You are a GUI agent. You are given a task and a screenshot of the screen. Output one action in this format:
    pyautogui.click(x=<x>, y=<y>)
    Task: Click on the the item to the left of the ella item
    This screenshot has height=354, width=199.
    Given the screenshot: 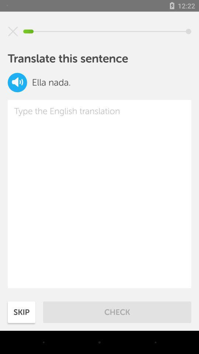 What is the action you would take?
    pyautogui.click(x=17, y=82)
    